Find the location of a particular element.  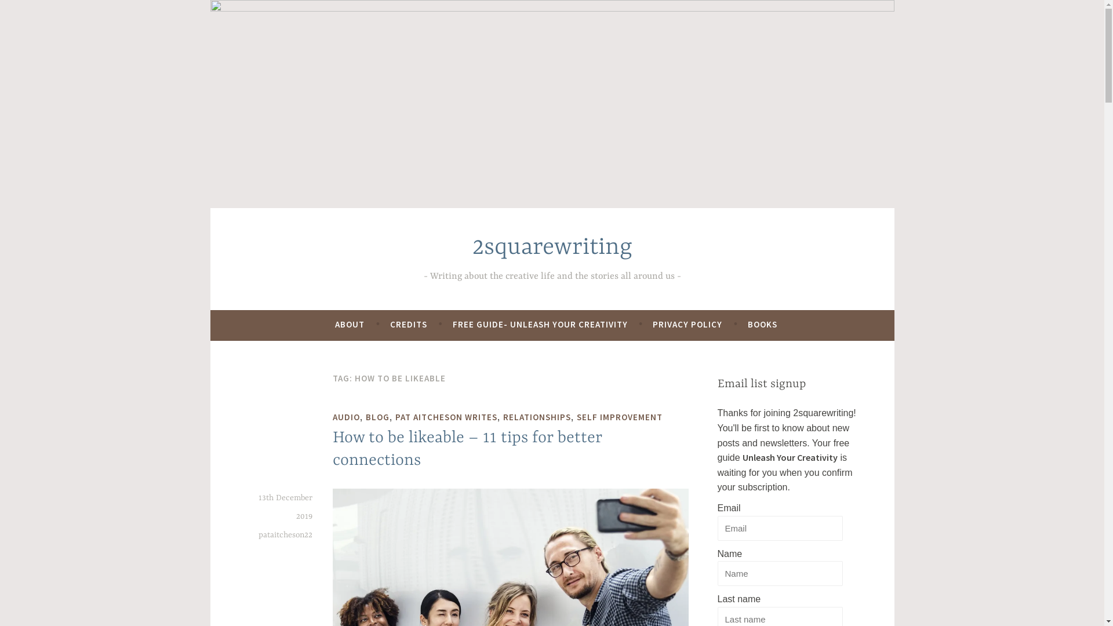

'PAT AITCHESON WRITES' is located at coordinates (445, 417).